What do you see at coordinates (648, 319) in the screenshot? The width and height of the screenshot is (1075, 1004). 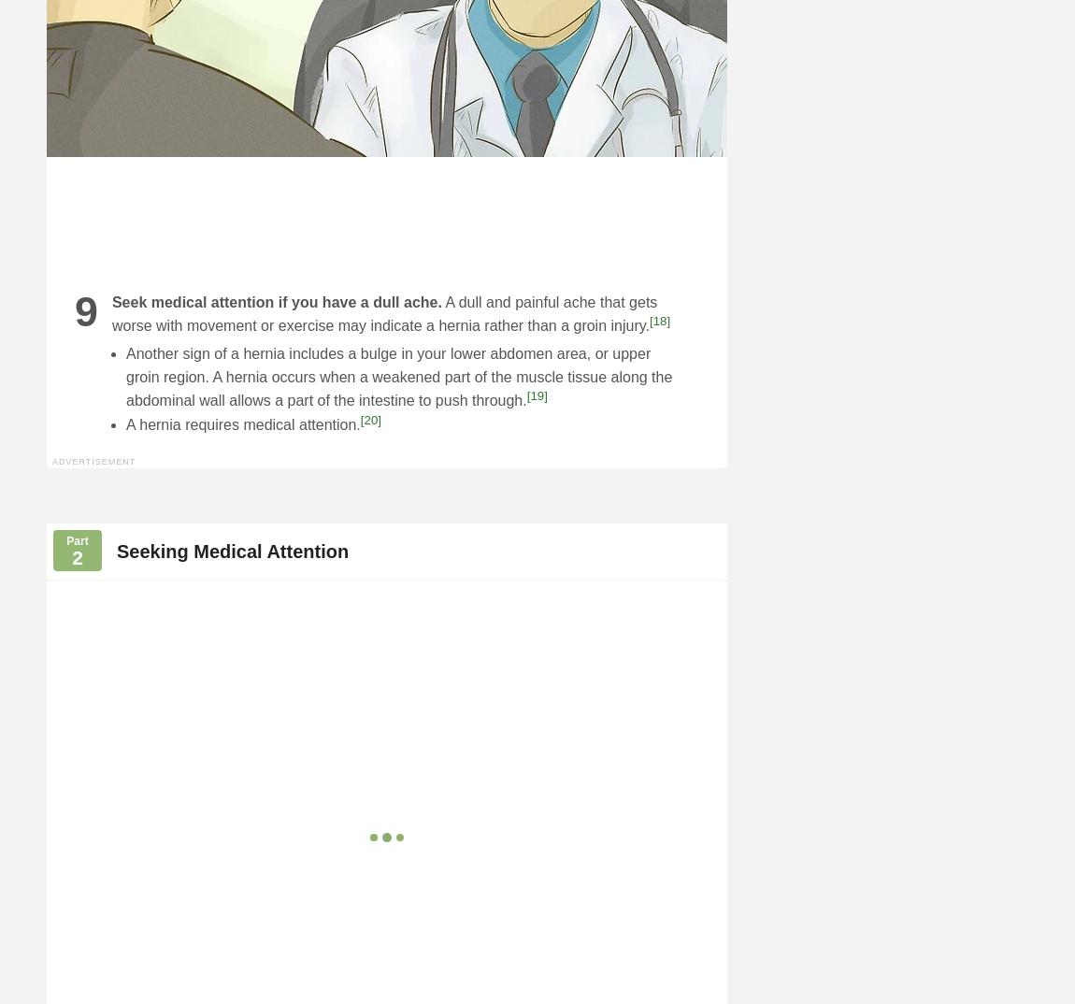 I see `'[18]'` at bounding box center [648, 319].